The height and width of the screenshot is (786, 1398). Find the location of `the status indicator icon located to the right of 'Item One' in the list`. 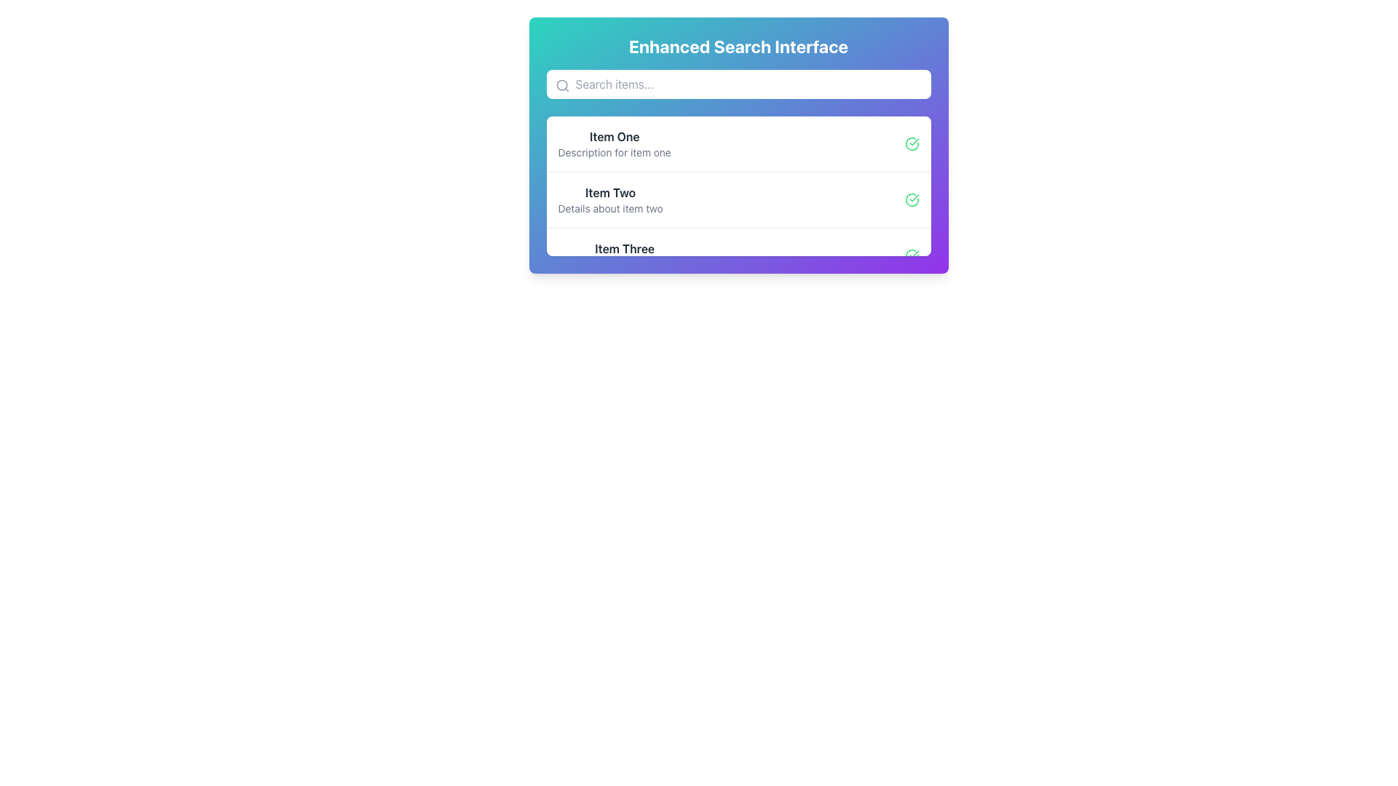

the status indicator icon located to the right of 'Item One' in the list is located at coordinates (911, 143).